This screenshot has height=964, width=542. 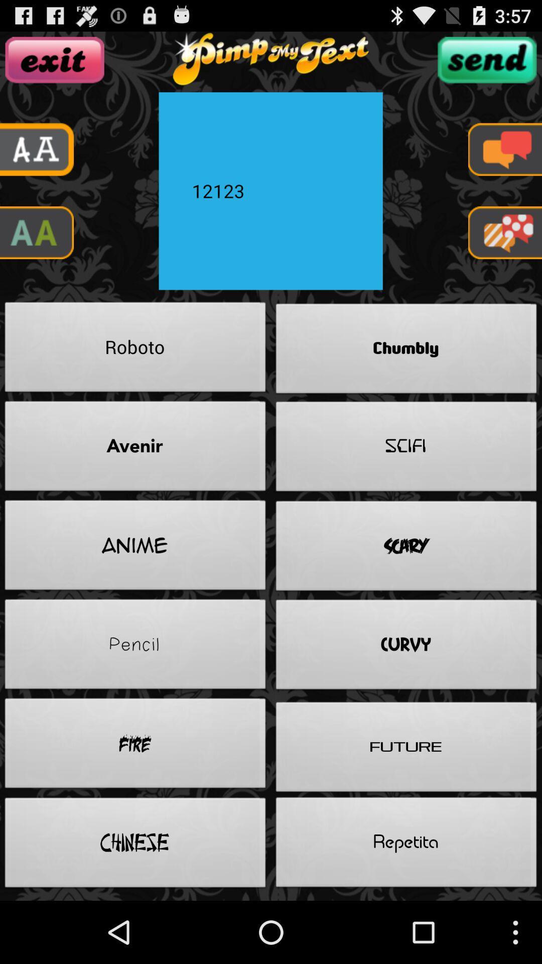 I want to click on capitalize text, so click(x=36, y=232).